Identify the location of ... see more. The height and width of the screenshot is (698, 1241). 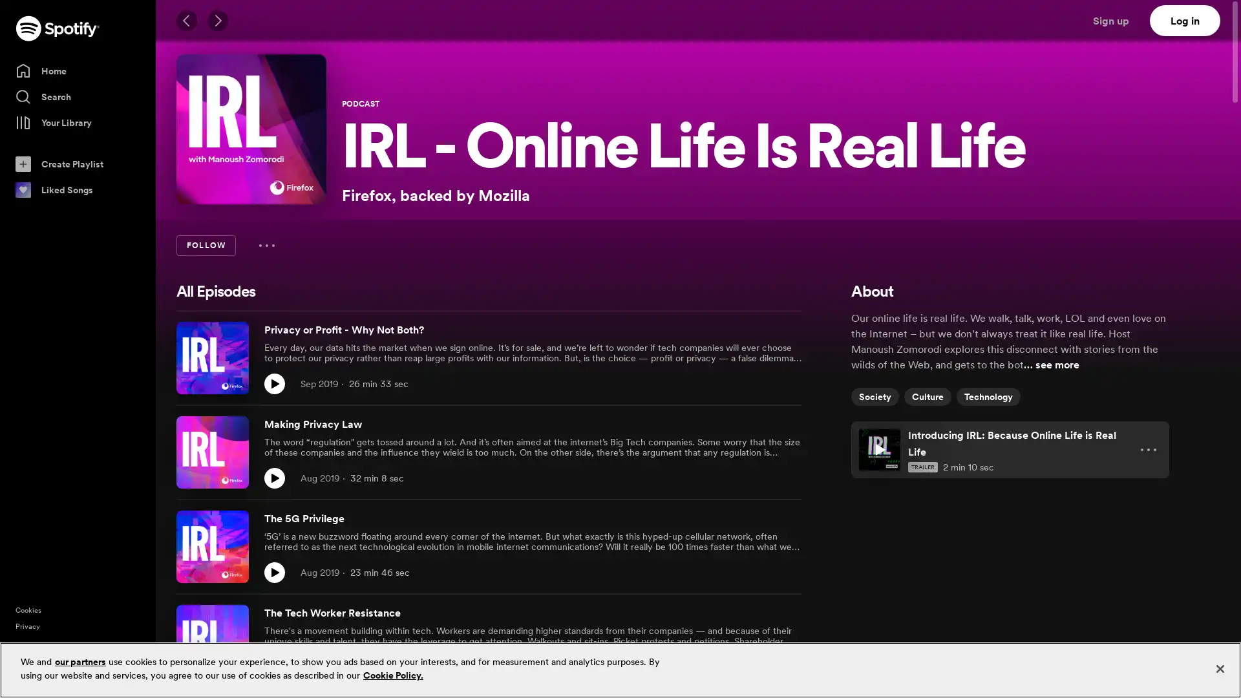
(1052, 364).